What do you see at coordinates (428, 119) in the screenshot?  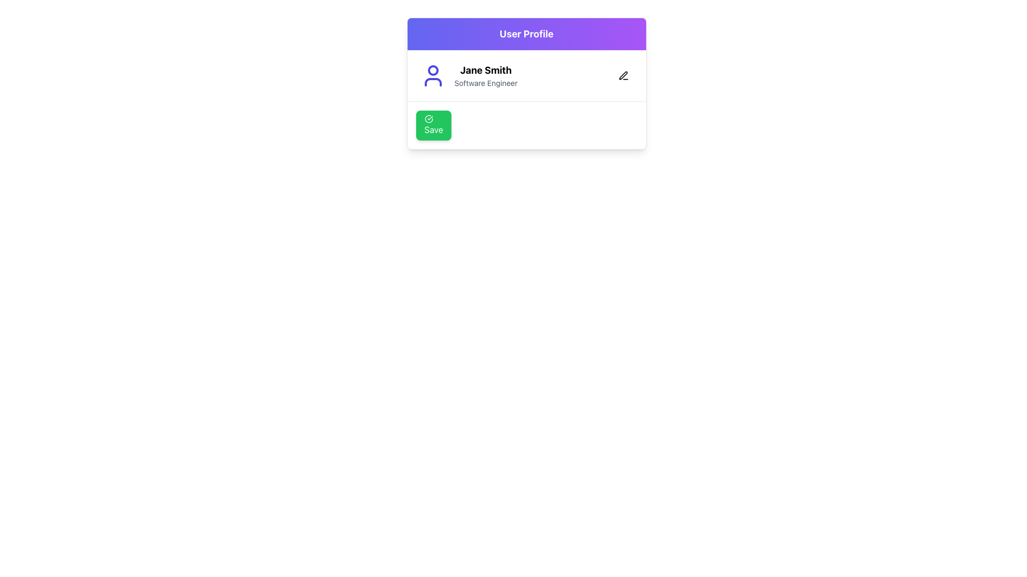 I see `the circular icon with a checkmark inside, which is located to the left of the 'Save' text in the green rectangular button` at bounding box center [428, 119].